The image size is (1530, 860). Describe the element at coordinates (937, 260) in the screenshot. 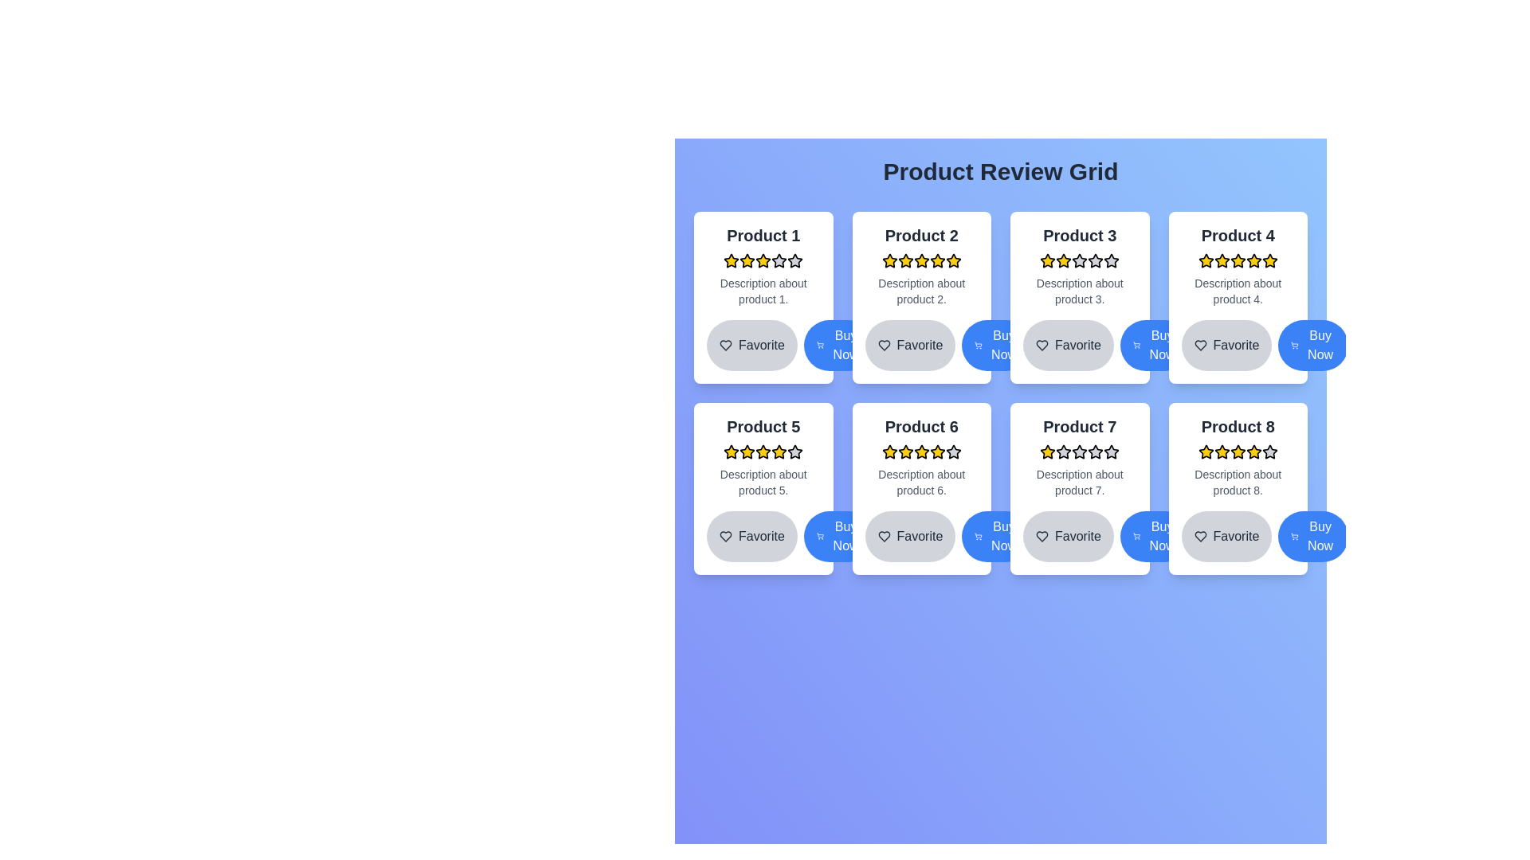

I see `on the fifth yellow star icon in the product rating section for 'Product 2'` at that location.